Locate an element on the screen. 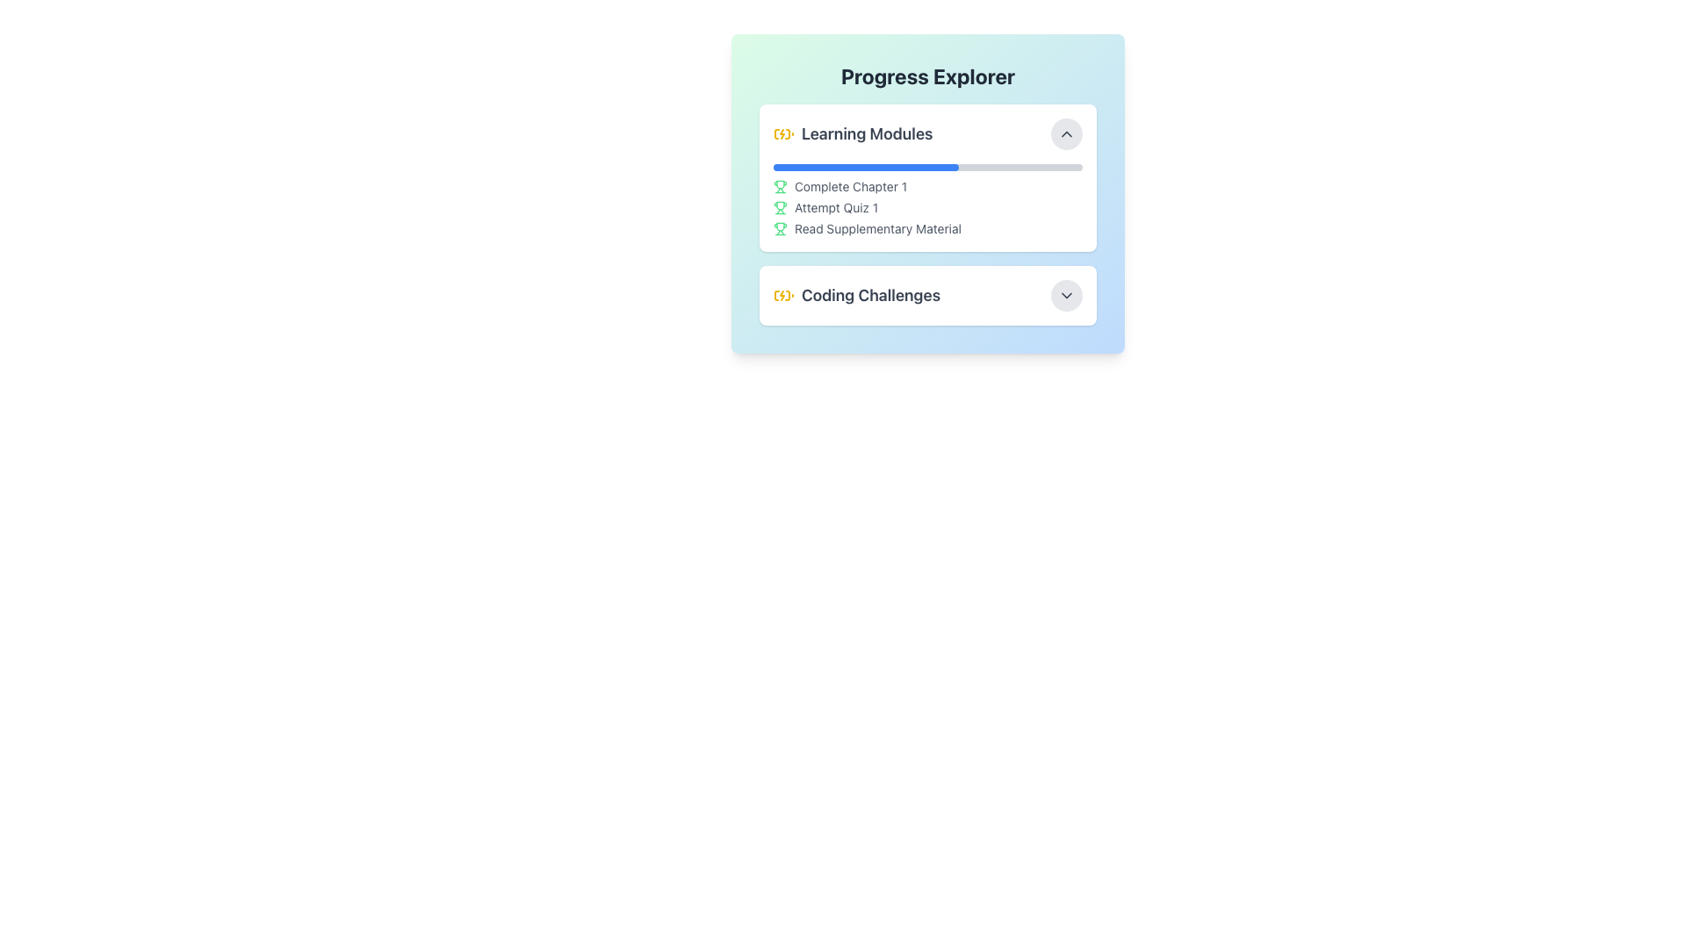 The image size is (1686, 948). the list of items with icons in the 'Learning Modules' section is located at coordinates (926, 199).